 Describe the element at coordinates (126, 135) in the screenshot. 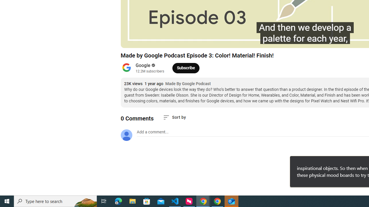

I see `'Default profile photo'` at that location.